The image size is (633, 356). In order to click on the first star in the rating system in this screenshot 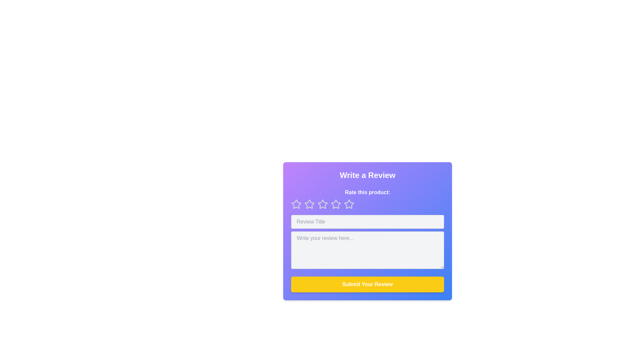, I will do `click(296, 204)`.